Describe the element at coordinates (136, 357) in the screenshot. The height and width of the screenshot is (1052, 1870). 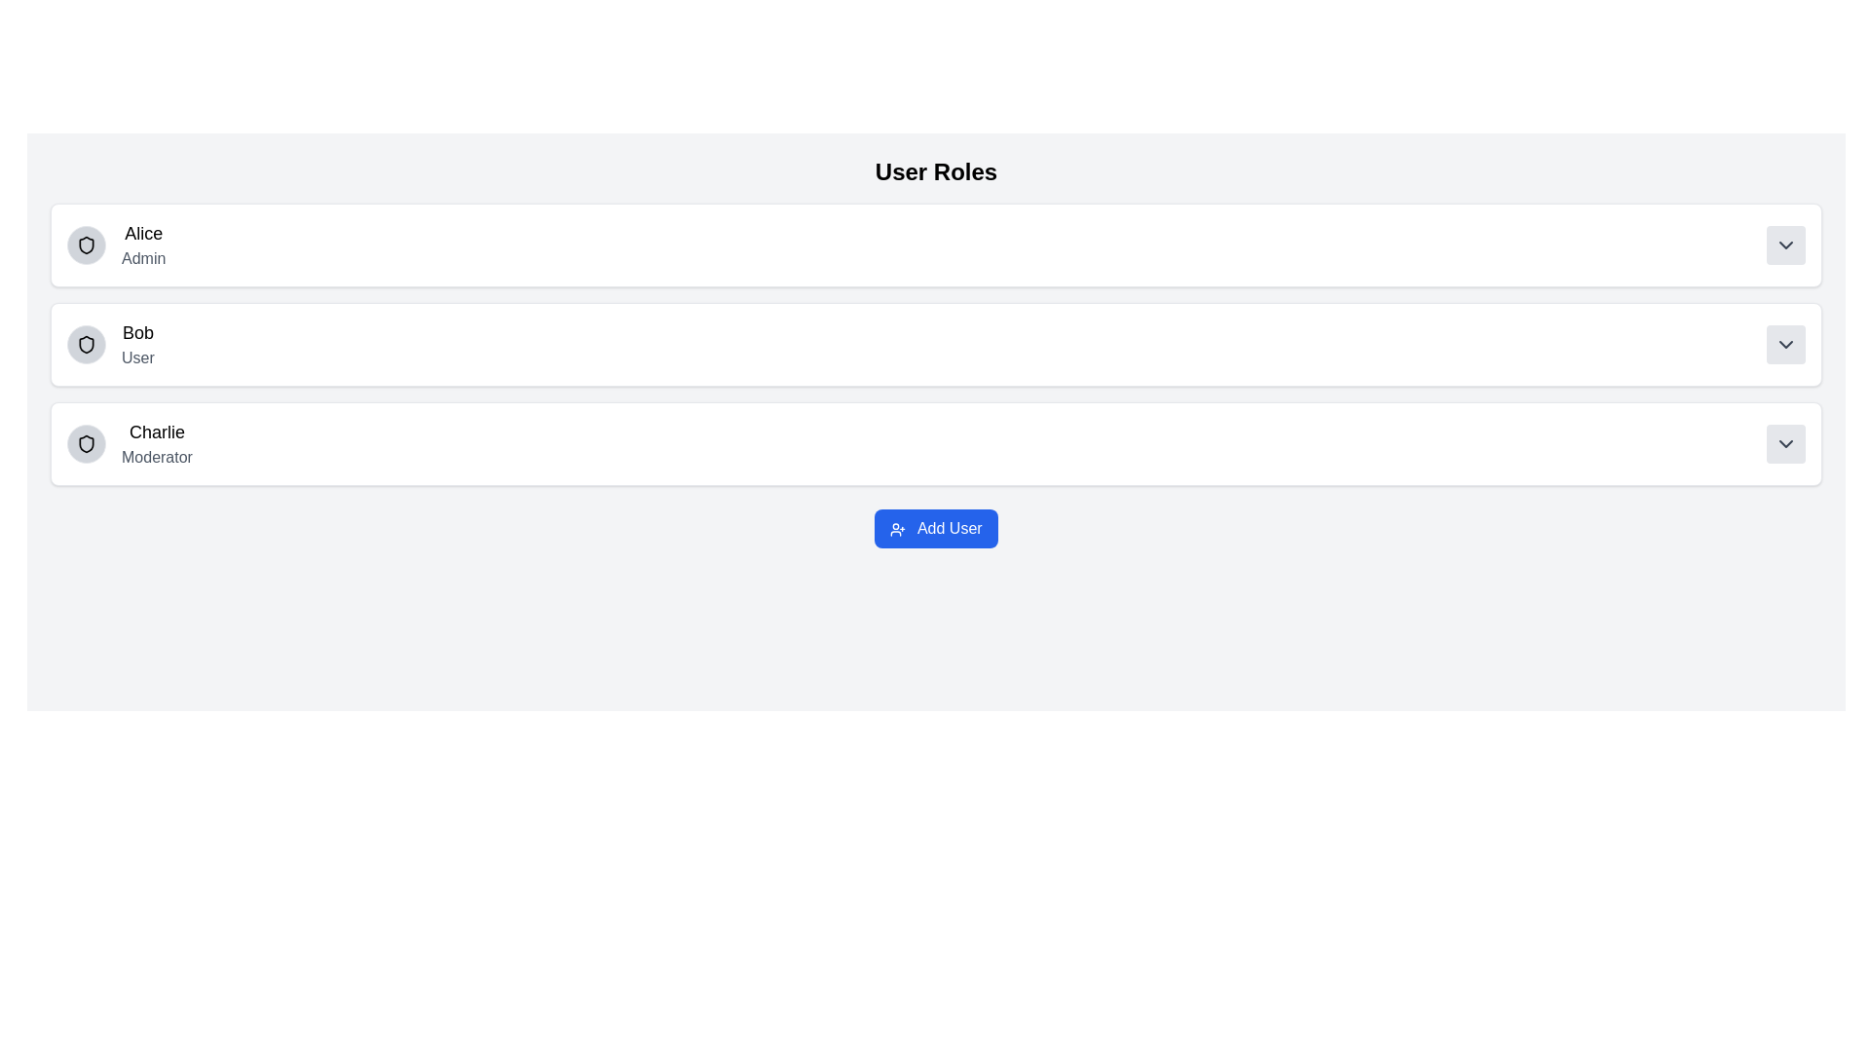
I see `the static text label 'User' styled with a gray font color, which is located beneath the title 'User Roles' in the second user block` at that location.